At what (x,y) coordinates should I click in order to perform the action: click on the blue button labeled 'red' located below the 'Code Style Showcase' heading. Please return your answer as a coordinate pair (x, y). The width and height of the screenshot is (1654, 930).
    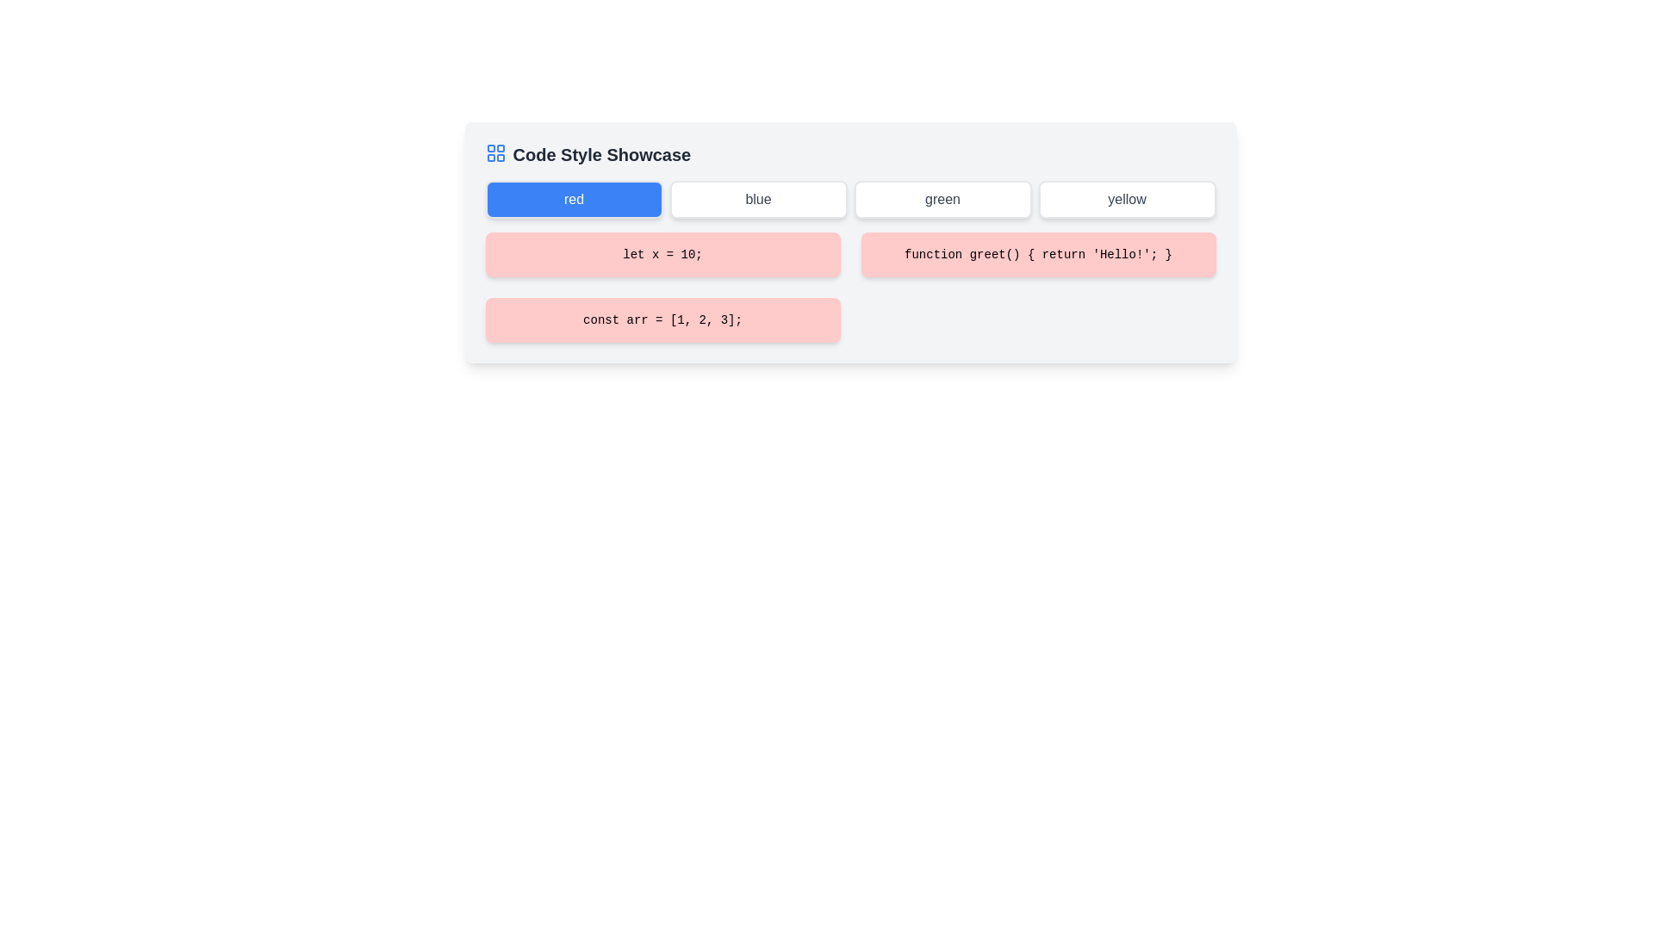
    Looking at the image, I should click on (574, 198).